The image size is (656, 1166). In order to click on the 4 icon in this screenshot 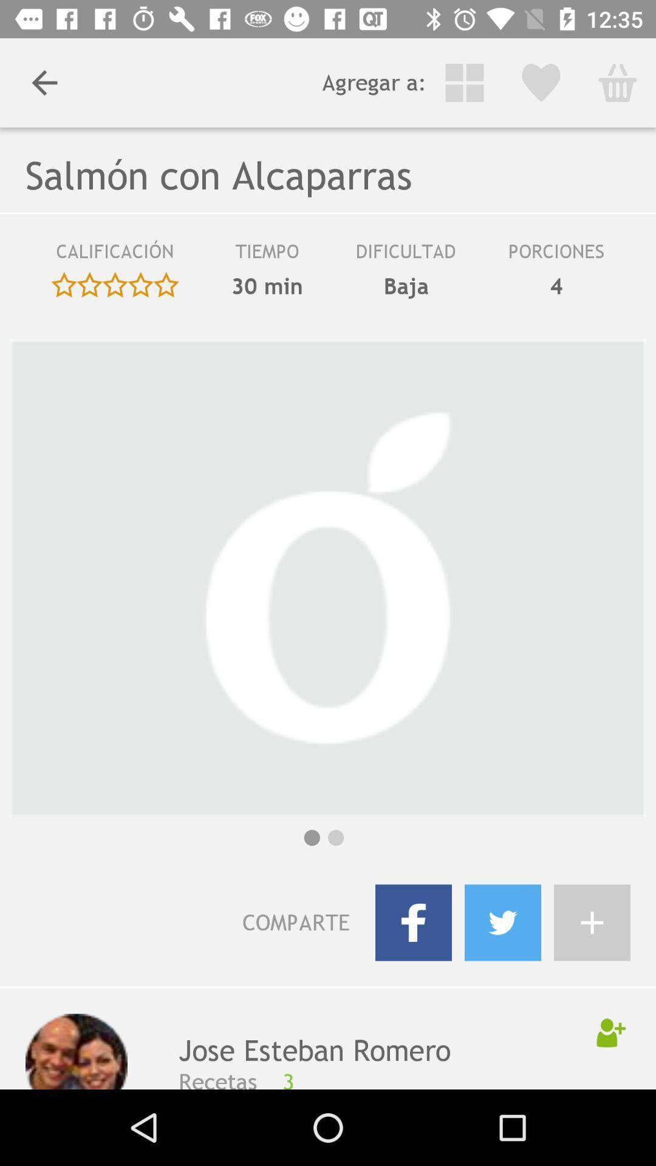, I will do `click(556, 285)`.